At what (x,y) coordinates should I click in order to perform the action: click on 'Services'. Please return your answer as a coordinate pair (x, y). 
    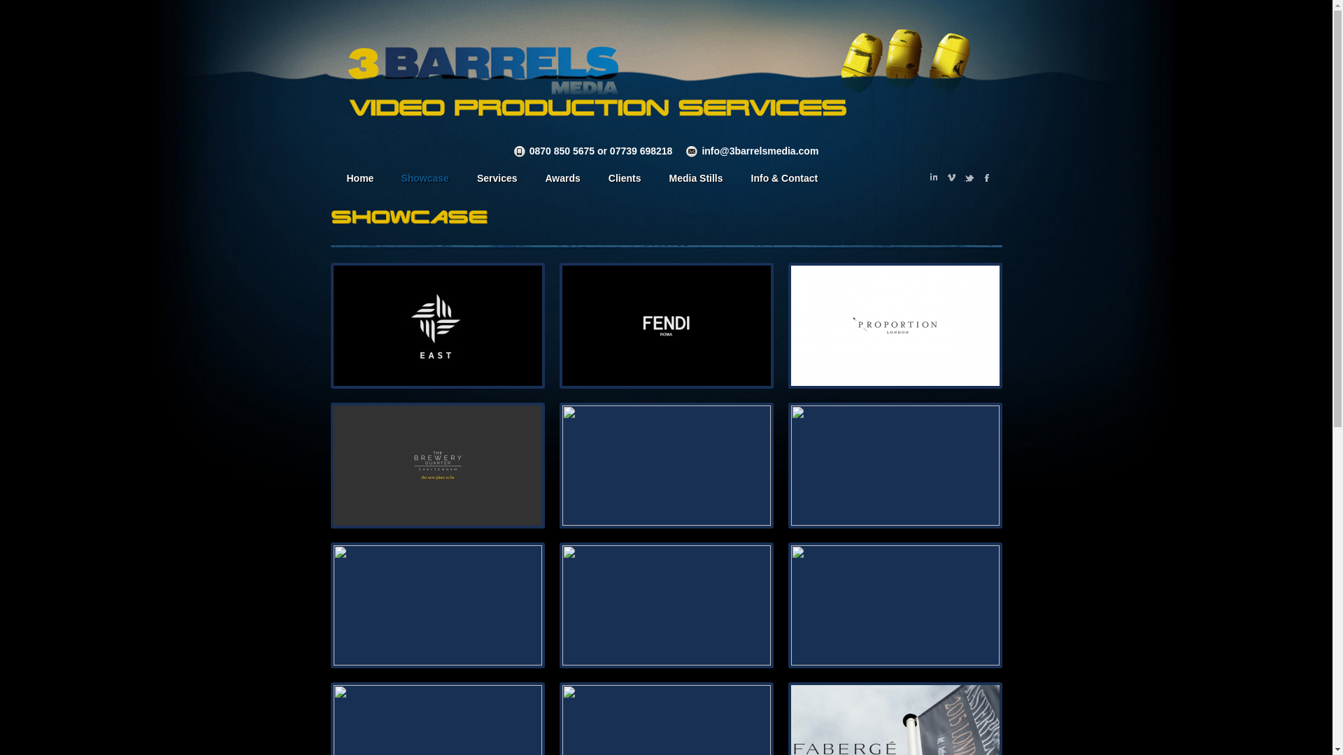
    Looking at the image, I should click on (497, 180).